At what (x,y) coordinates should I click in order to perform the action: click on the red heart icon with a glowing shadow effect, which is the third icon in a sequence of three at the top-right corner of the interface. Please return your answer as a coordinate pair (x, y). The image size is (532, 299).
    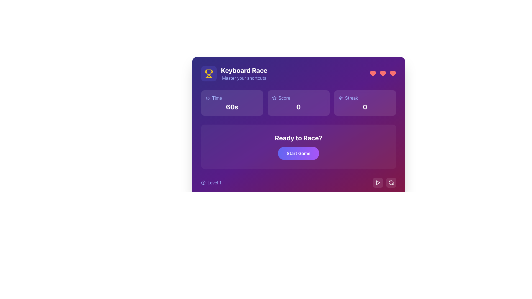
    Looking at the image, I should click on (392, 73).